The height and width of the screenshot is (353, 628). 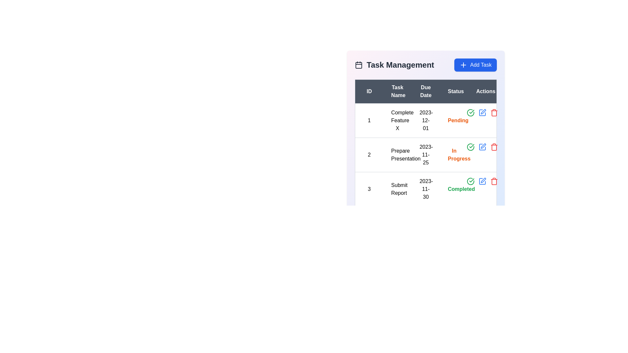 I want to click on the second row in the task management table, which displays details such as ID '2', task name 'Prepare Presentation', due date '2023-11-25', and status 'In Progress', so click(x=426, y=155).